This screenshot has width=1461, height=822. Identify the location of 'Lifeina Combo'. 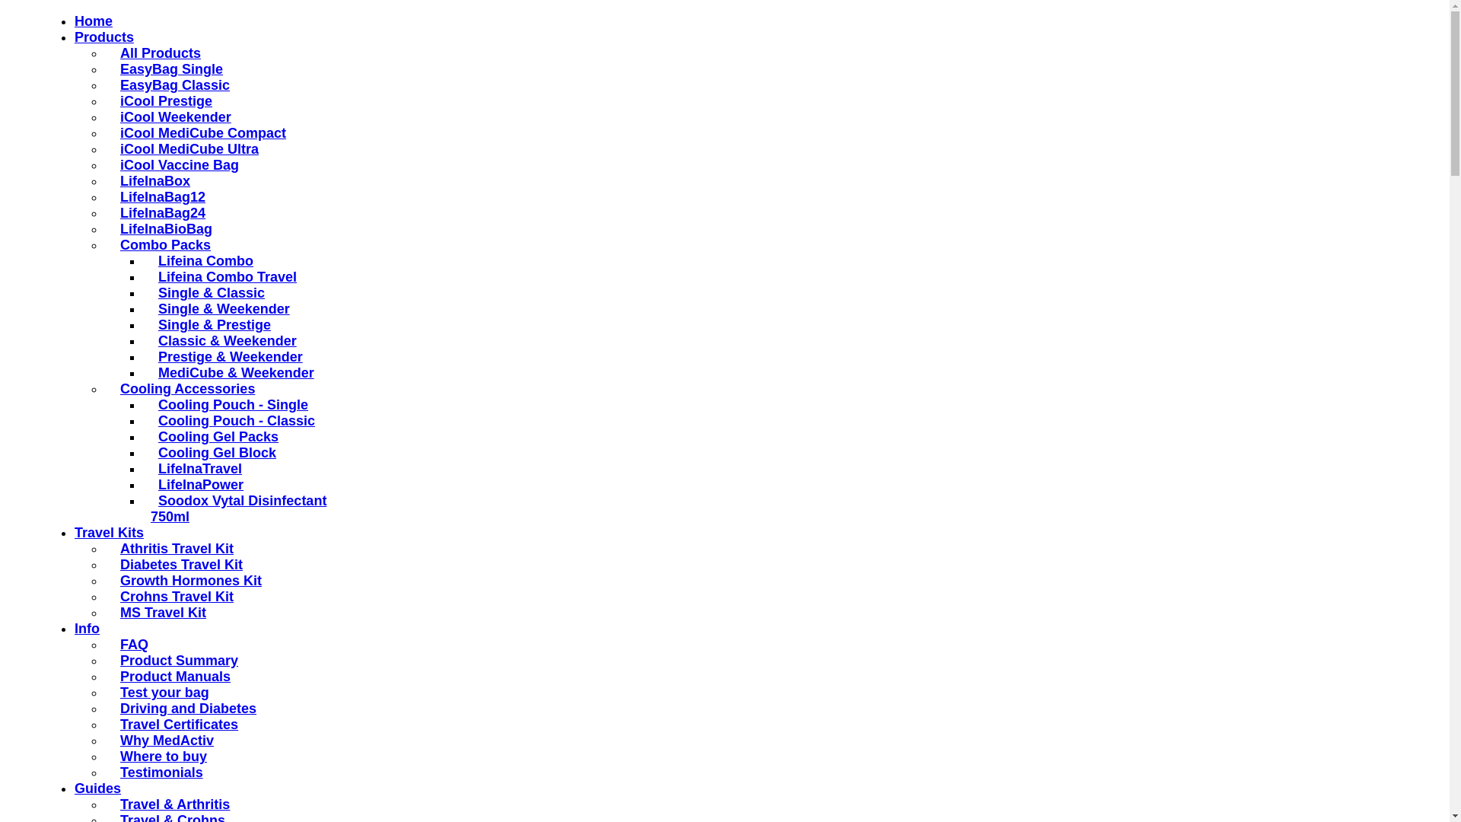
(201, 260).